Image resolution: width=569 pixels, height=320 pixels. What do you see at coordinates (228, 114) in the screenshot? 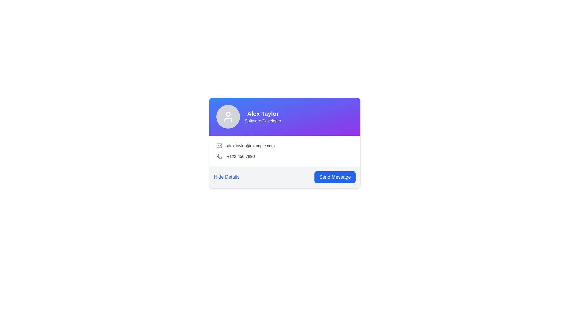
I see `the unfilled circular shape representing the user's head within the user profile icon in the card layout` at bounding box center [228, 114].